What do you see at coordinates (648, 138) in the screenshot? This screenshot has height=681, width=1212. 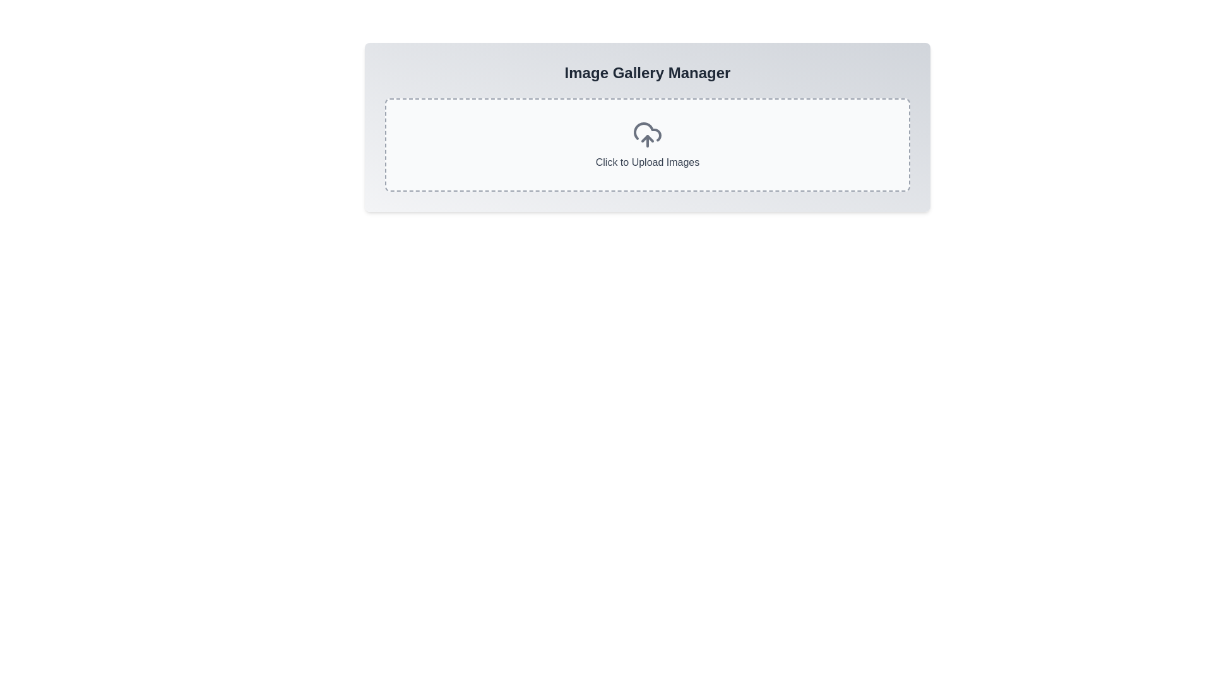 I see `the upward-pointing arrow icon, which is a gray chevron shape located at the bottom part of the cloud icon` at bounding box center [648, 138].